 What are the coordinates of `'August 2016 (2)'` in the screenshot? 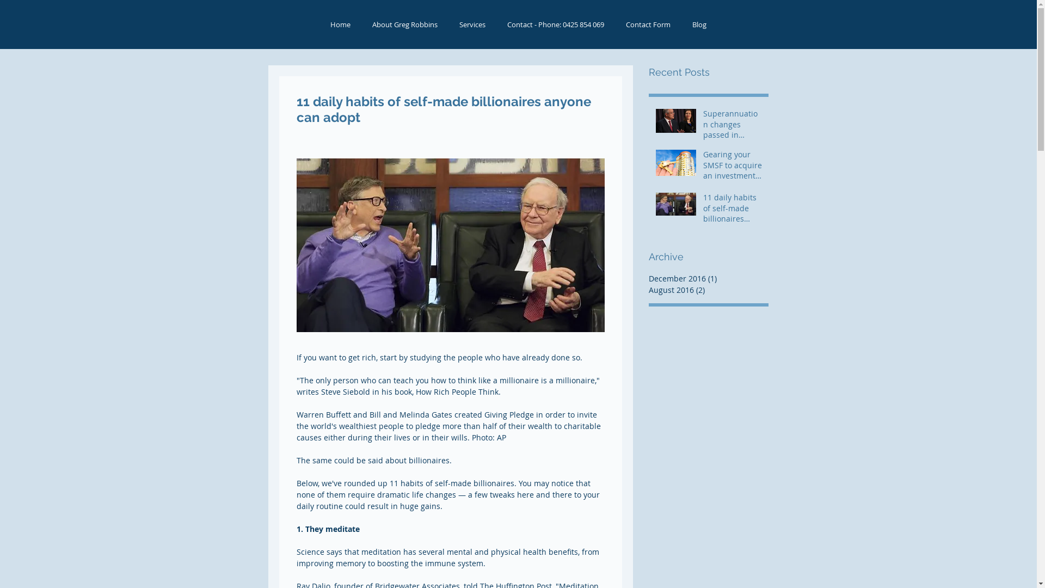 It's located at (705, 289).